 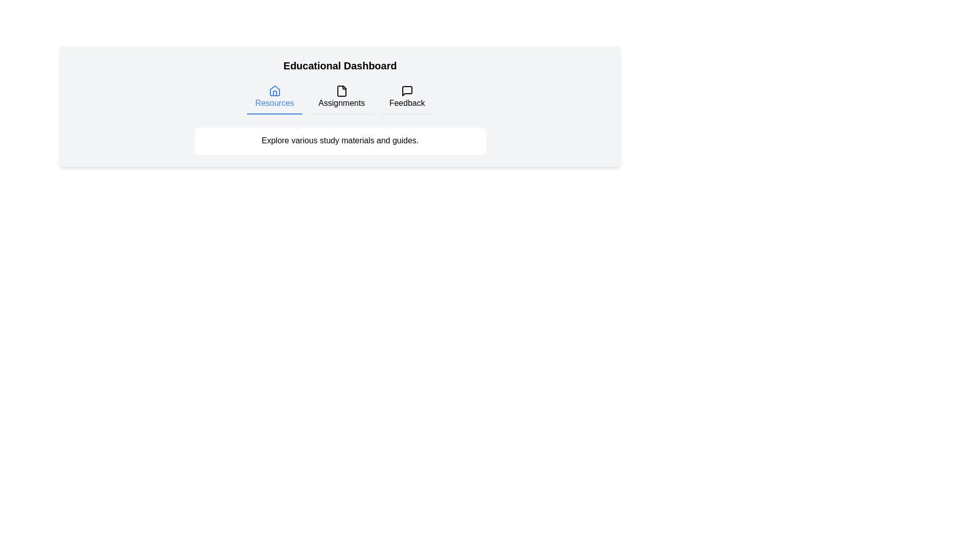 I want to click on the 'Assignments' button, which is a columnar button with a document page icon and black outline, located between 'Resources' and 'Feedback', so click(x=341, y=97).